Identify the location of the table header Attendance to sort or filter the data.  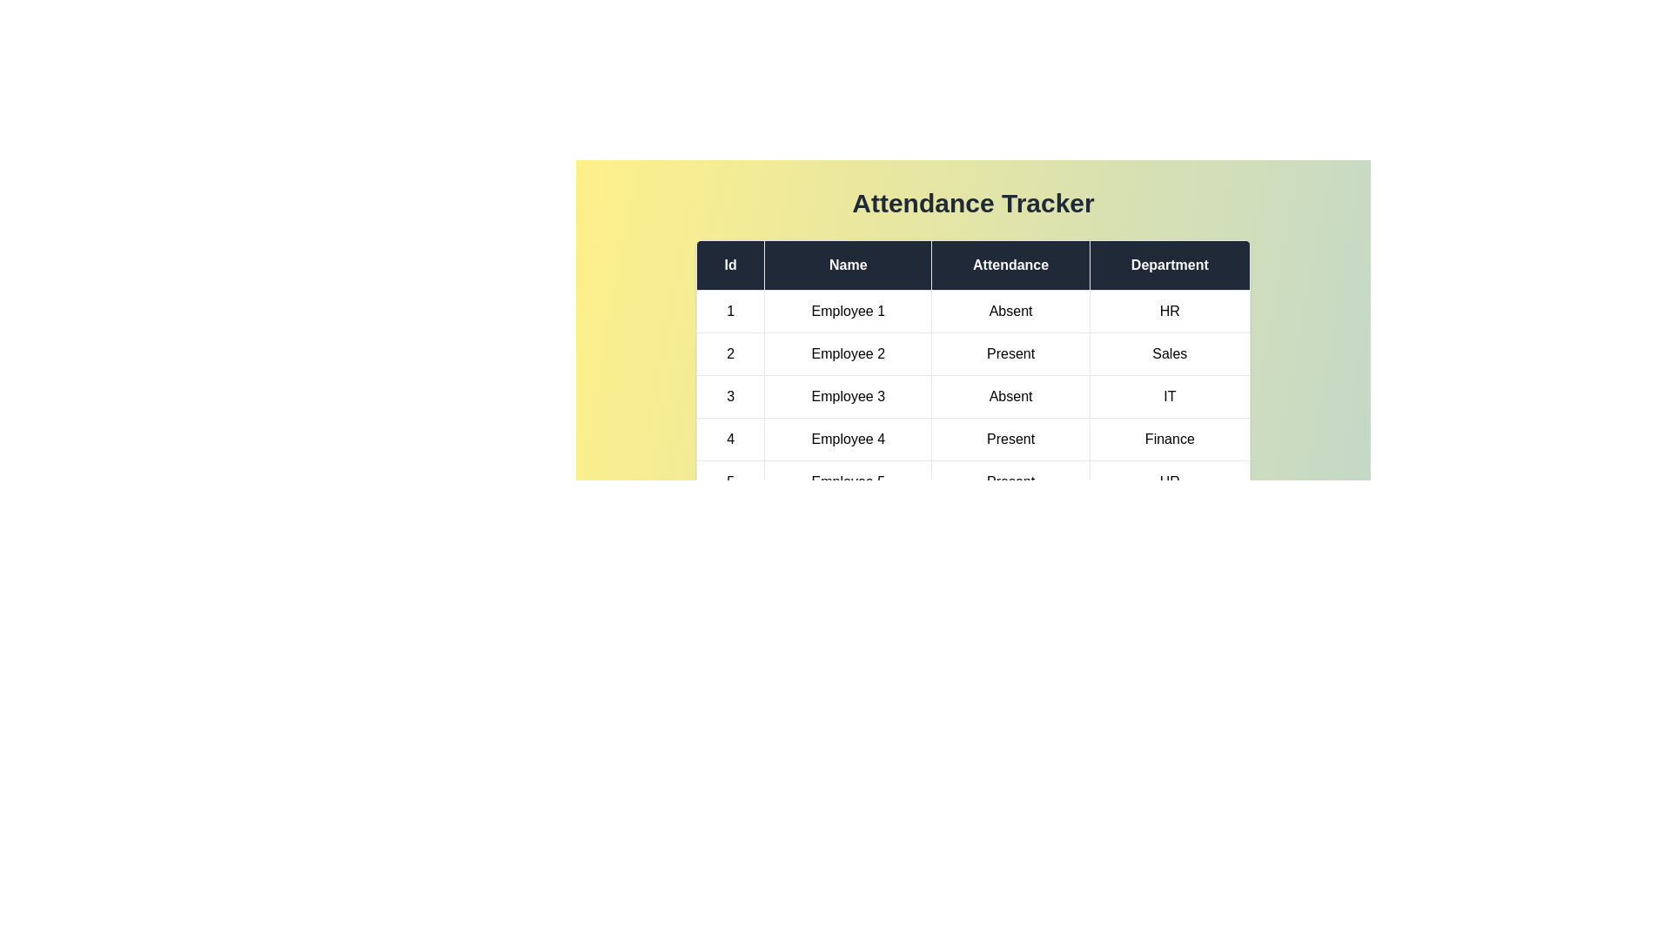
(1010, 265).